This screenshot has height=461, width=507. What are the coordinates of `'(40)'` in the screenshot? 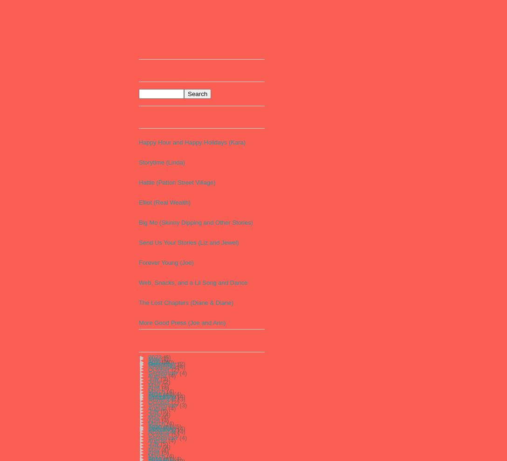 It's located at (163, 361).